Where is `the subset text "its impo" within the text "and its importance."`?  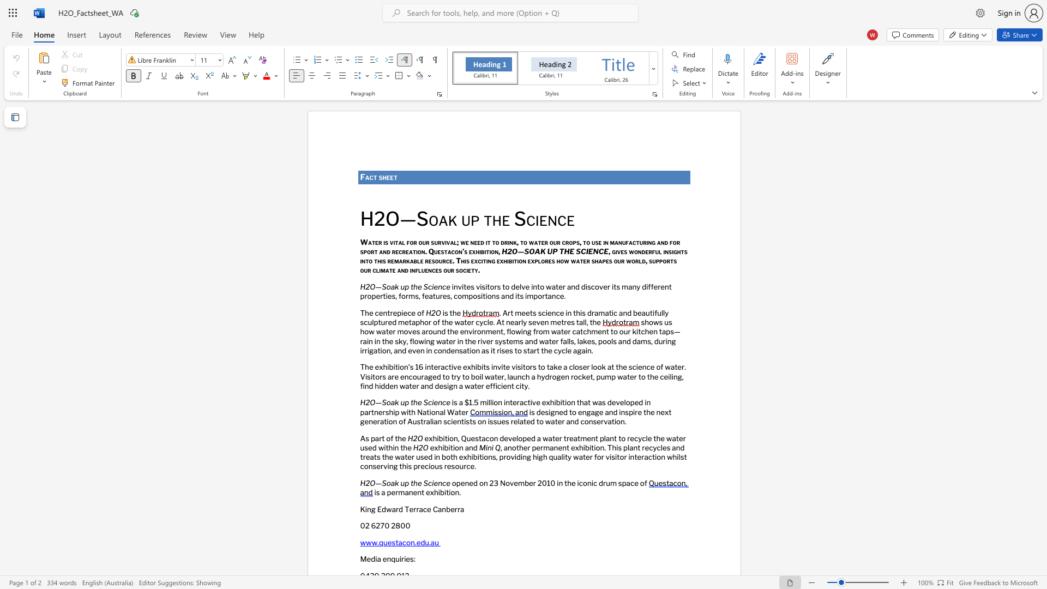 the subset text "its impo" within the text "and its importance." is located at coordinates (515, 296).